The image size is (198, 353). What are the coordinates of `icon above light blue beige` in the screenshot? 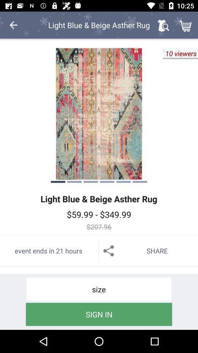 It's located at (99, 114).